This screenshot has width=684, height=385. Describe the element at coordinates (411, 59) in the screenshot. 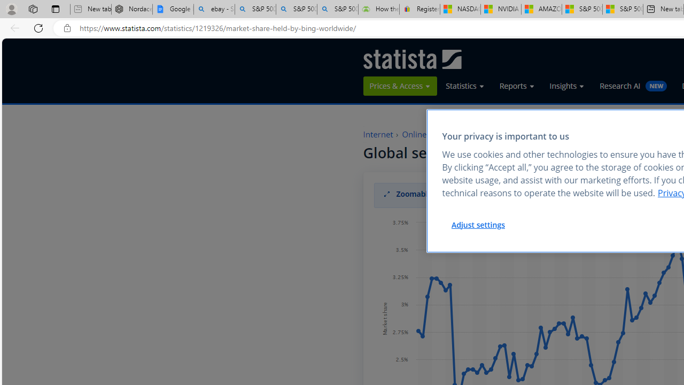

I see `'Statista Homepage'` at that location.